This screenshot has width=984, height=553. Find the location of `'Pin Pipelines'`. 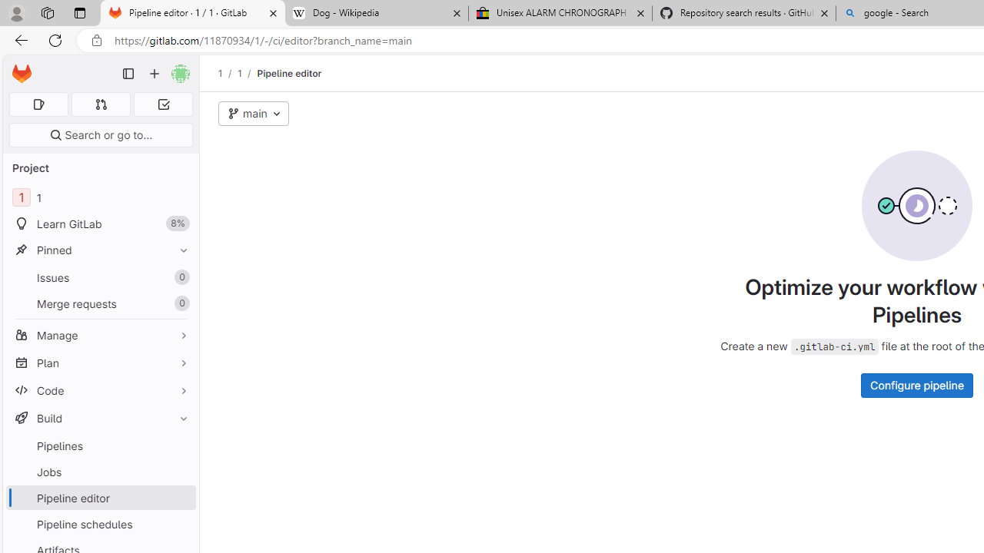

'Pin Pipelines' is located at coordinates (180, 445).